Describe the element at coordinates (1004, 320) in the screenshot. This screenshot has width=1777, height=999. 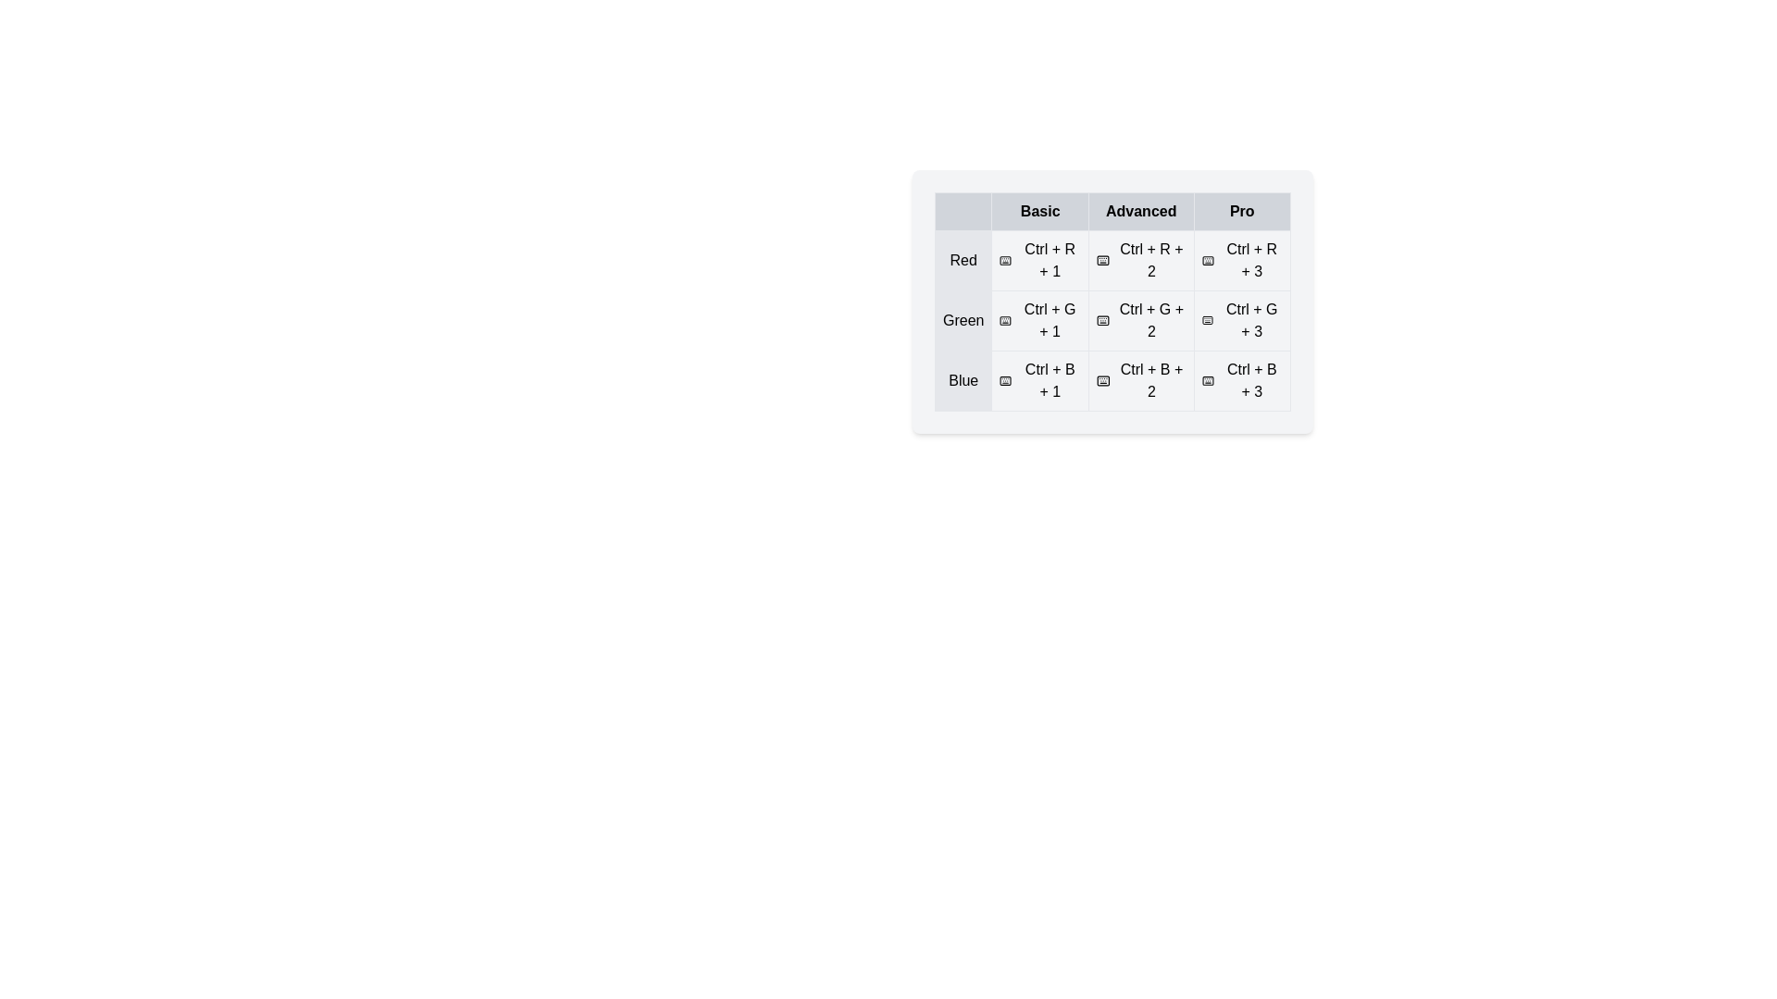
I see `the keyboard icon in the second row of the grid interface under the 'Green' column in the 'Basic' section, which visually represents keyboard shortcuts` at that location.